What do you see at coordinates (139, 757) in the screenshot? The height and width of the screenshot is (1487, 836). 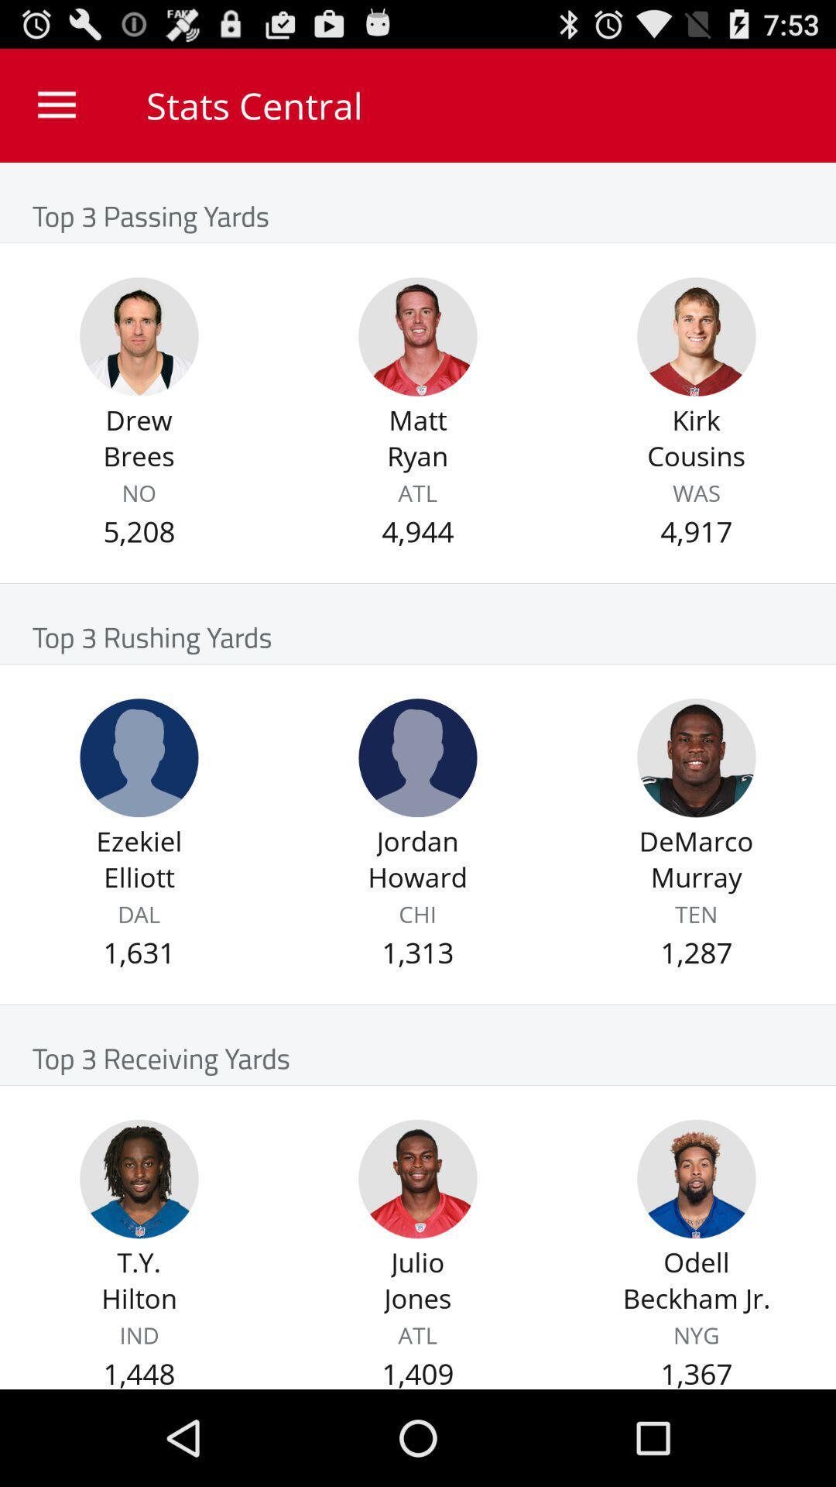 I see `the person` at bounding box center [139, 757].